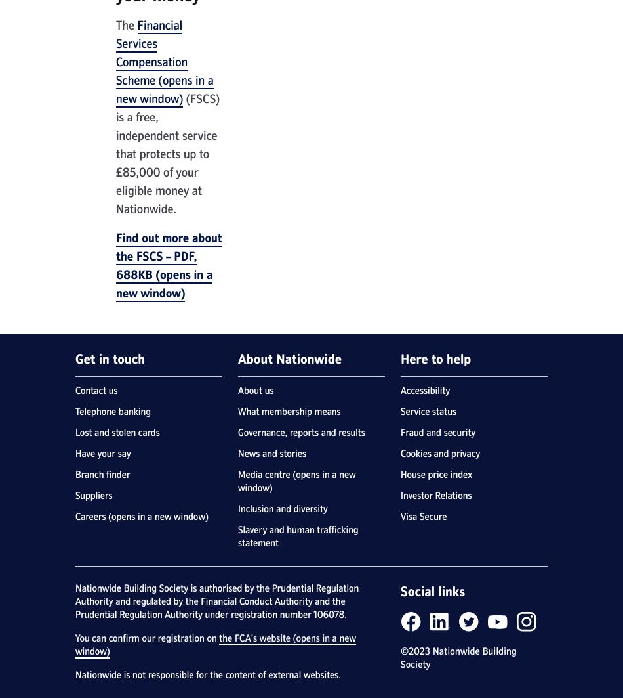  What do you see at coordinates (300, 432) in the screenshot?
I see `'Governance, reports and results'` at bounding box center [300, 432].